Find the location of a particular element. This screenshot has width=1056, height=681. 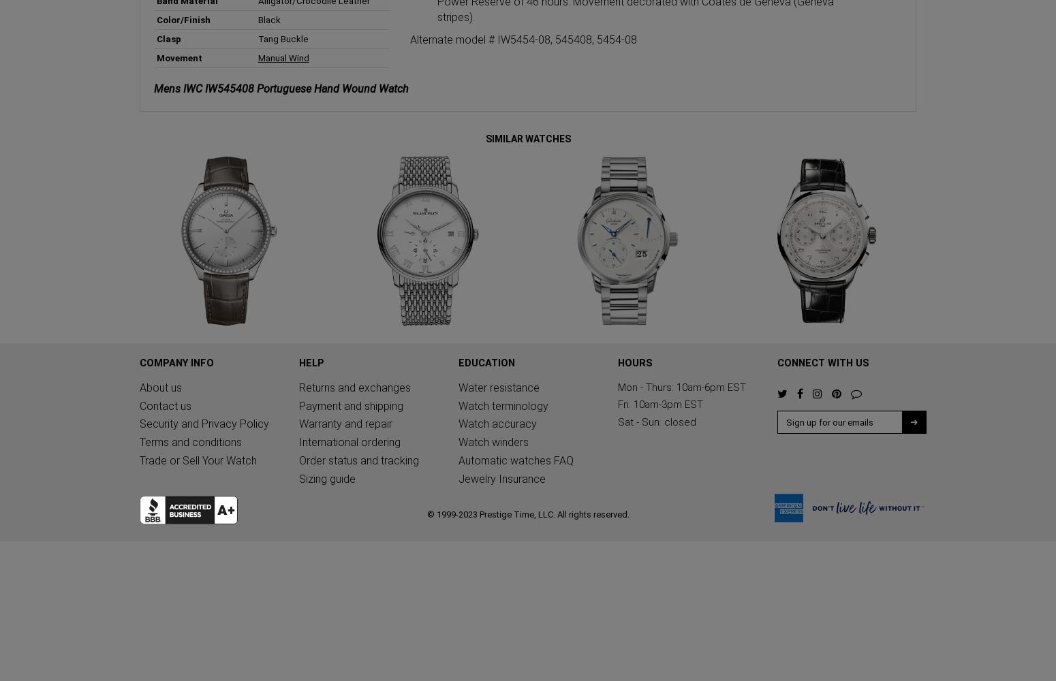

'Sizing guide' is located at coordinates (298, 478).